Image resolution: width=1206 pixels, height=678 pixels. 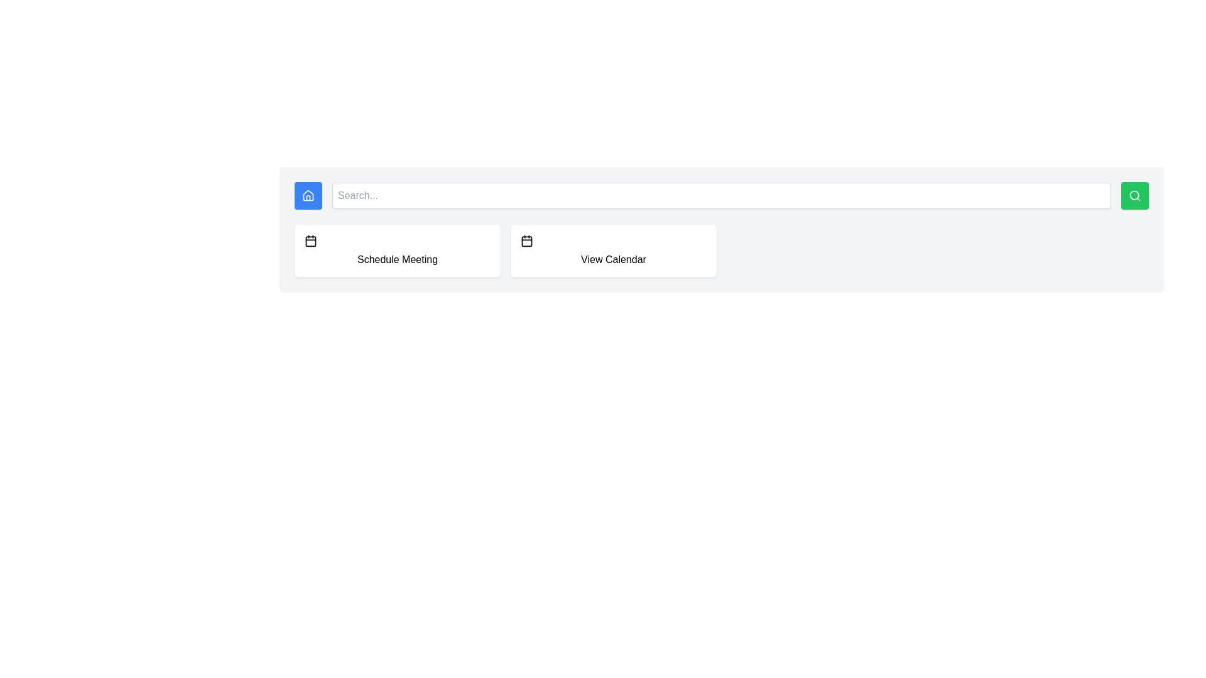 I want to click on the small home icon rendered in a blue square, so click(x=308, y=196).